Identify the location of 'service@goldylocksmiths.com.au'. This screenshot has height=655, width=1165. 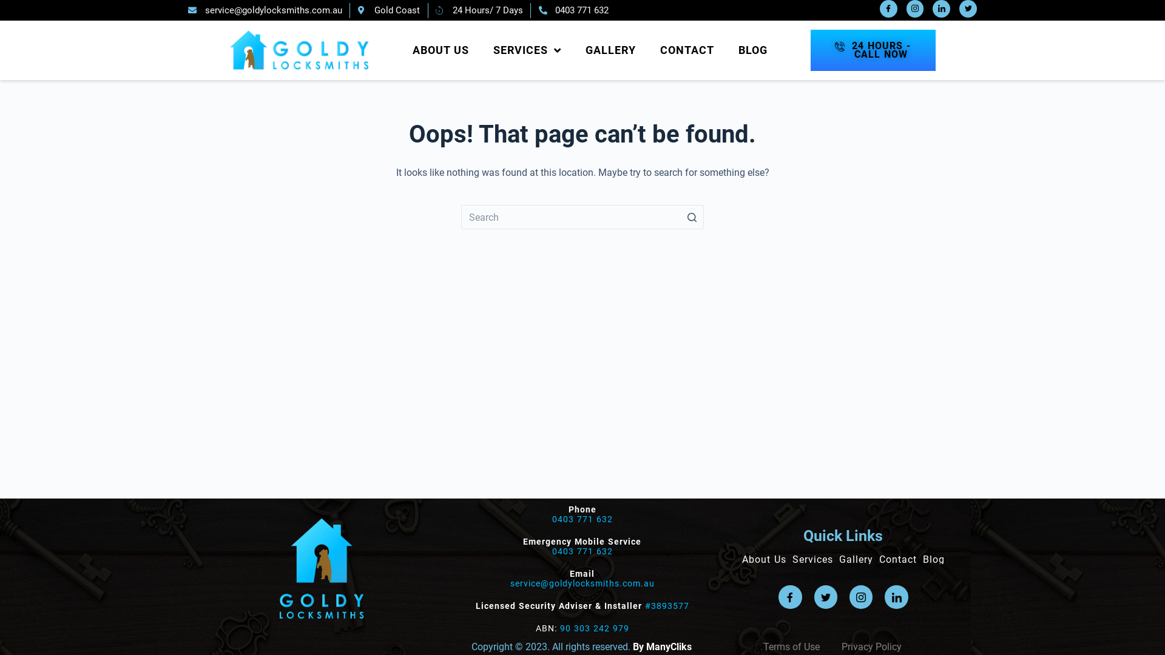
(264, 10).